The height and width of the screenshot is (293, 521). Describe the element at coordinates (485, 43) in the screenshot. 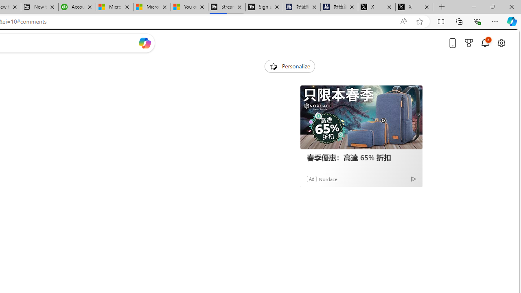

I see `'Notifications'` at that location.